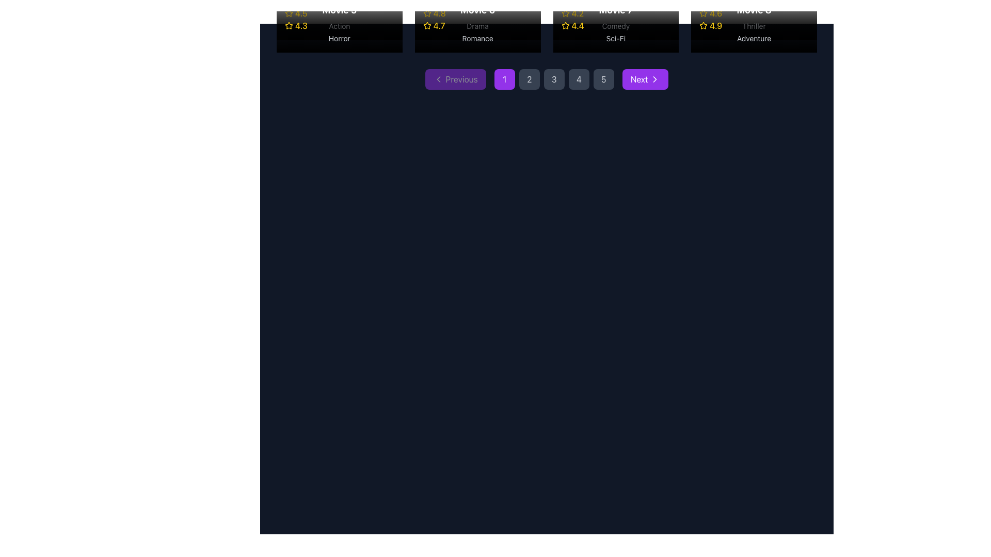 This screenshot has width=991, height=557. Describe the element at coordinates (339, 10) in the screenshot. I see `the text label identifying the movie title, which is located at the upper-middle part of the movie card display, above the rating indicator and genre labels` at that location.